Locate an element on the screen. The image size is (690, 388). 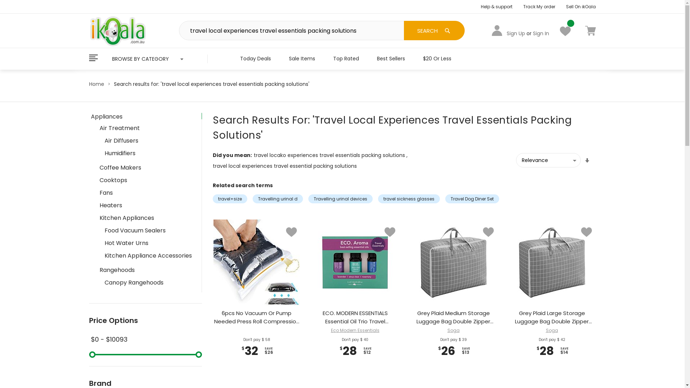
'Handheld Vacuum Cleaners' is located at coordinates (148, 309).